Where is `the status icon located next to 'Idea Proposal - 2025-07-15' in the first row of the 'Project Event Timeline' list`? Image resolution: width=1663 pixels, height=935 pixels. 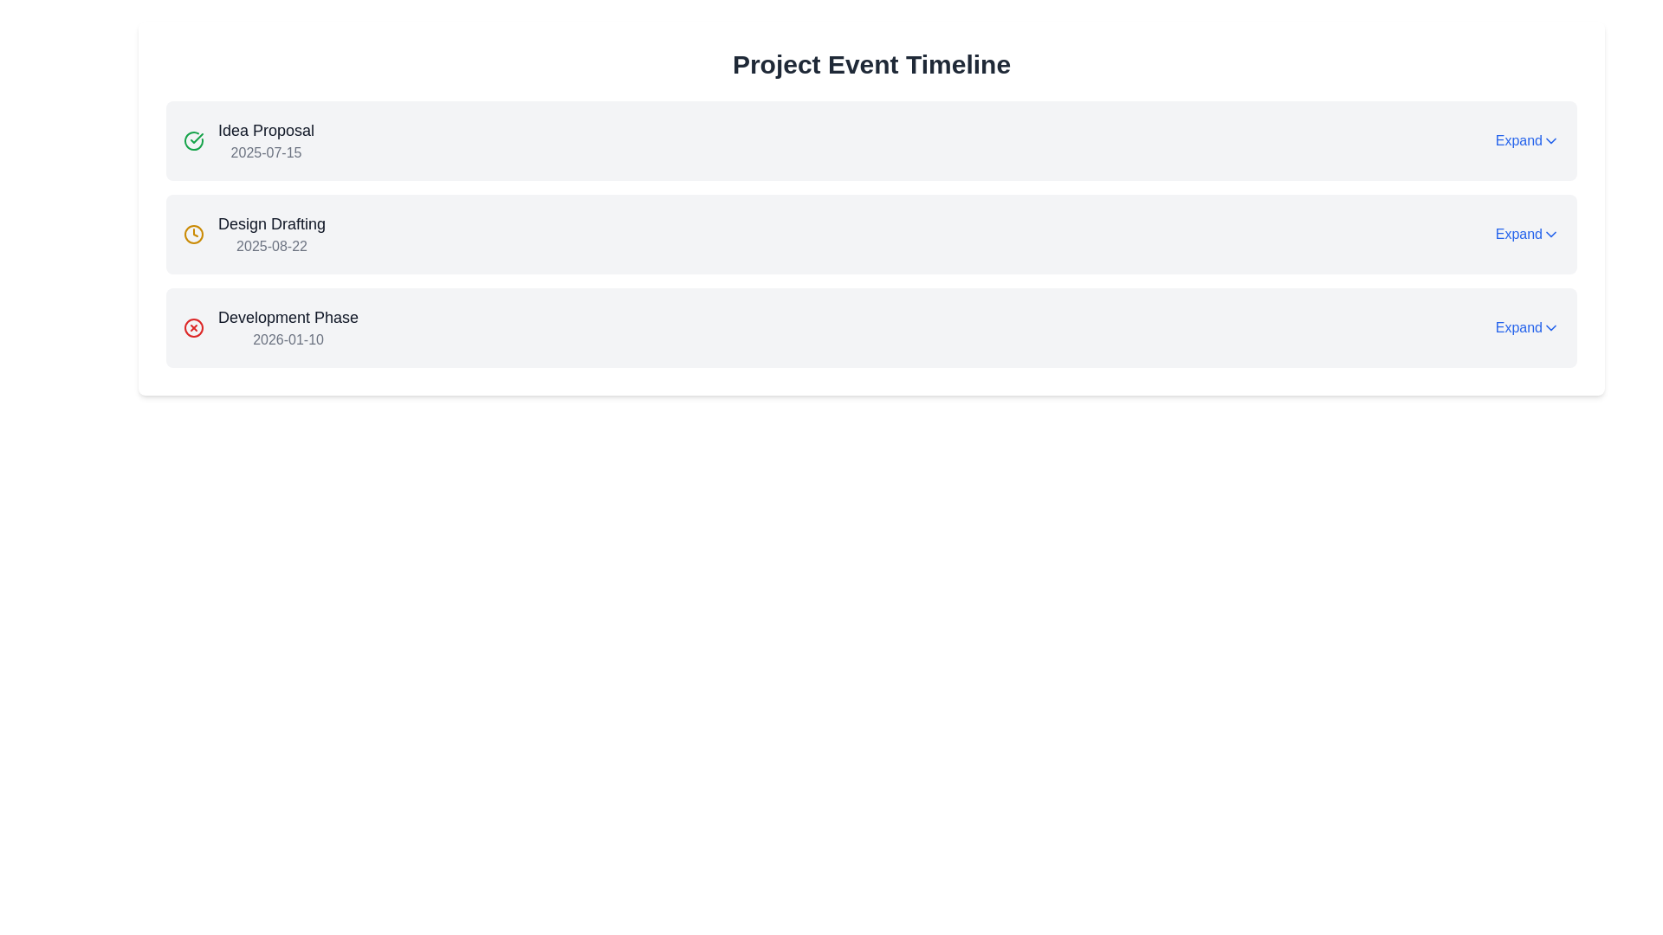 the status icon located next to 'Idea Proposal - 2025-07-15' in the first row of the 'Project Event Timeline' list is located at coordinates (197, 137).